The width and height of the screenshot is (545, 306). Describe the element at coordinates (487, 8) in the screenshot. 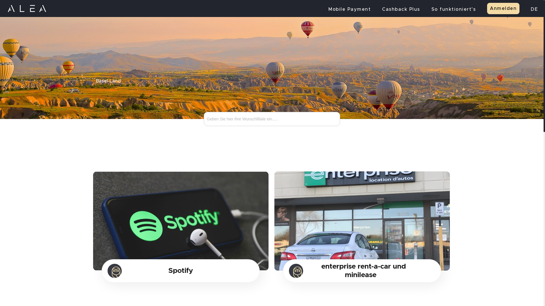

I see `'Anmelden'` at that location.